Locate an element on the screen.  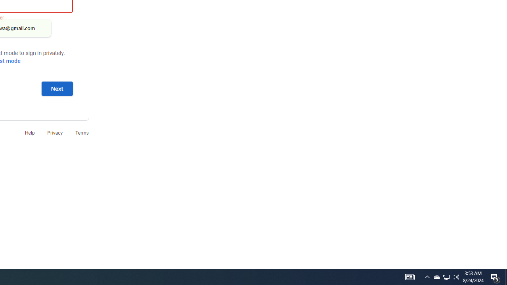
'Privacy' is located at coordinates (54, 132).